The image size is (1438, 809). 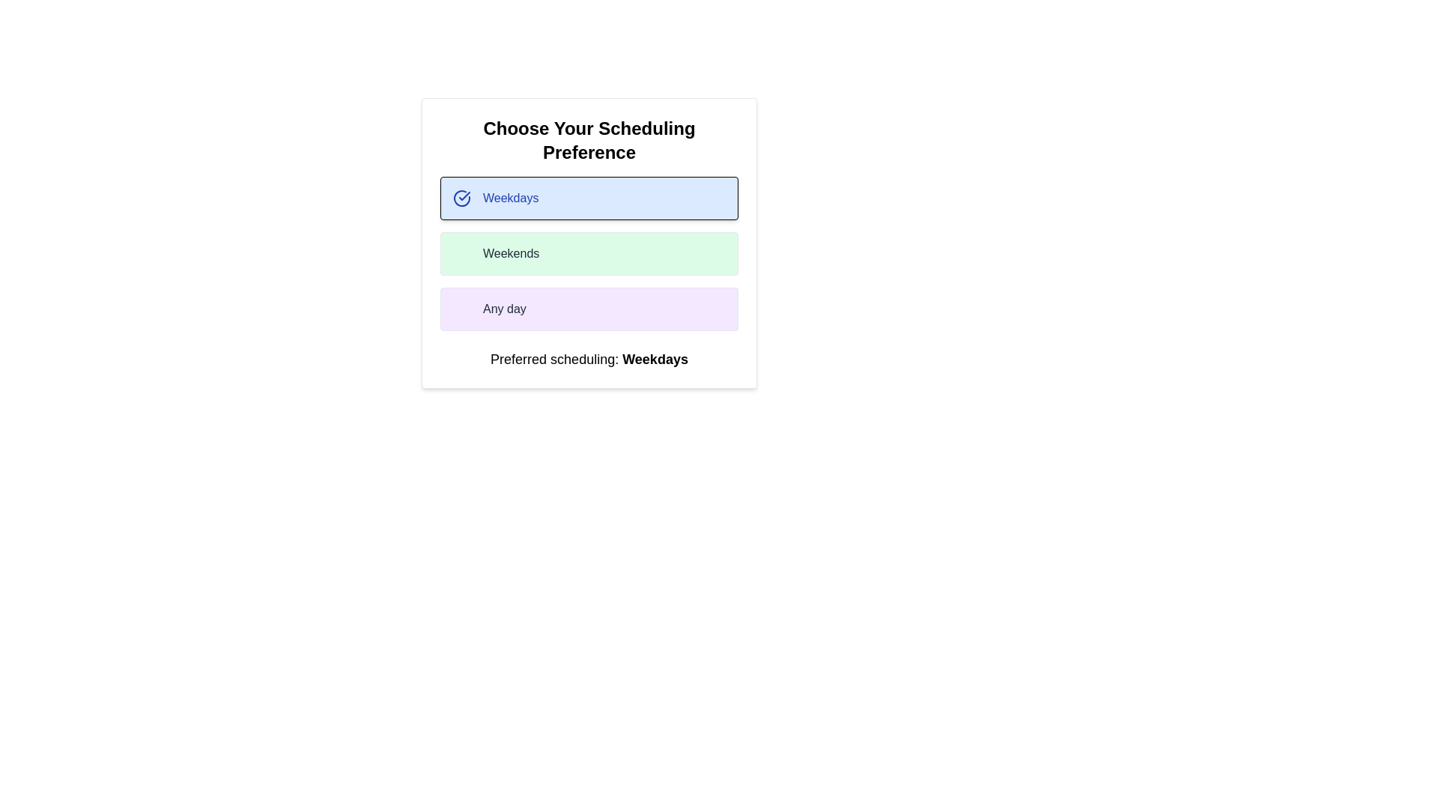 What do you see at coordinates (589, 253) in the screenshot?
I see `the 'Weekends' option in the scheduling preferences list` at bounding box center [589, 253].